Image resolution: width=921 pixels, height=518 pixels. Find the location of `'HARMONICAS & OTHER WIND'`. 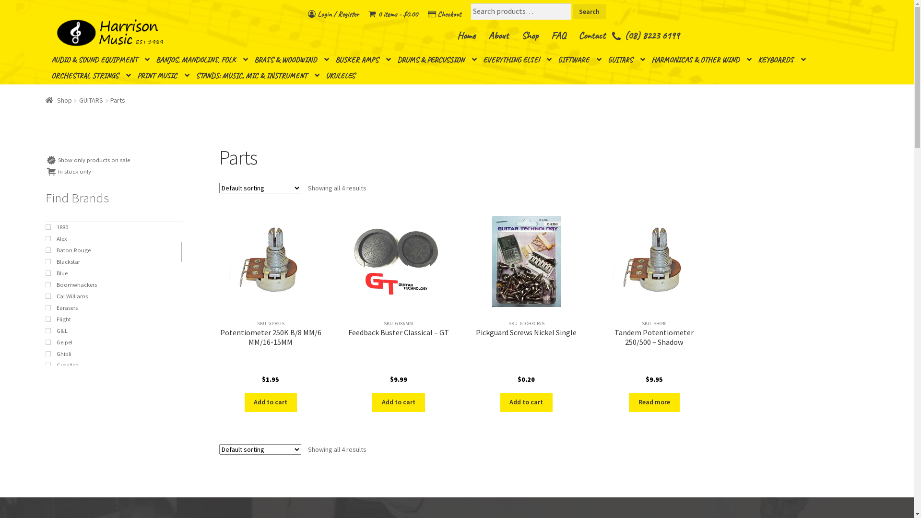

'HARMONICAS & OTHER WIND' is located at coordinates (701, 60).